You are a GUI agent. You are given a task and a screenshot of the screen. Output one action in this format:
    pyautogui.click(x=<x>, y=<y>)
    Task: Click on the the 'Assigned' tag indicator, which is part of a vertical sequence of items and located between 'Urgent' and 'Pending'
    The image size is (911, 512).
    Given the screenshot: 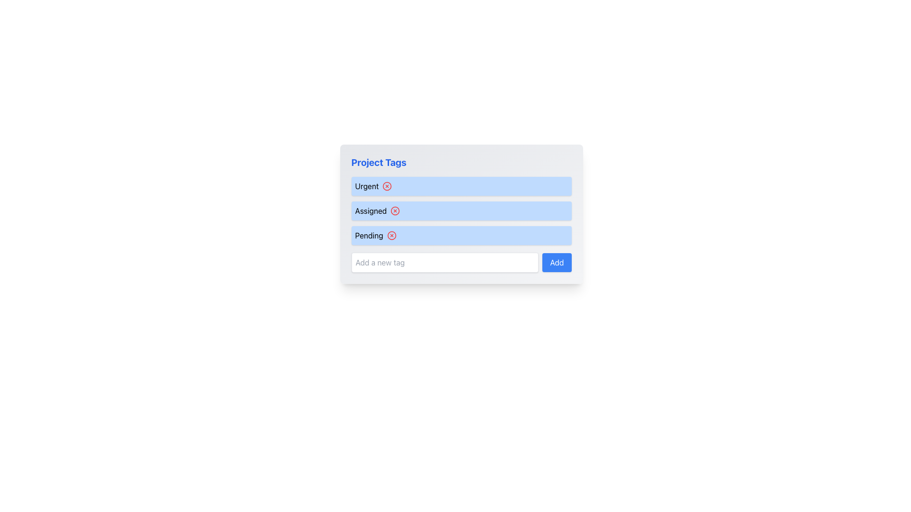 What is the action you would take?
    pyautogui.click(x=461, y=210)
    